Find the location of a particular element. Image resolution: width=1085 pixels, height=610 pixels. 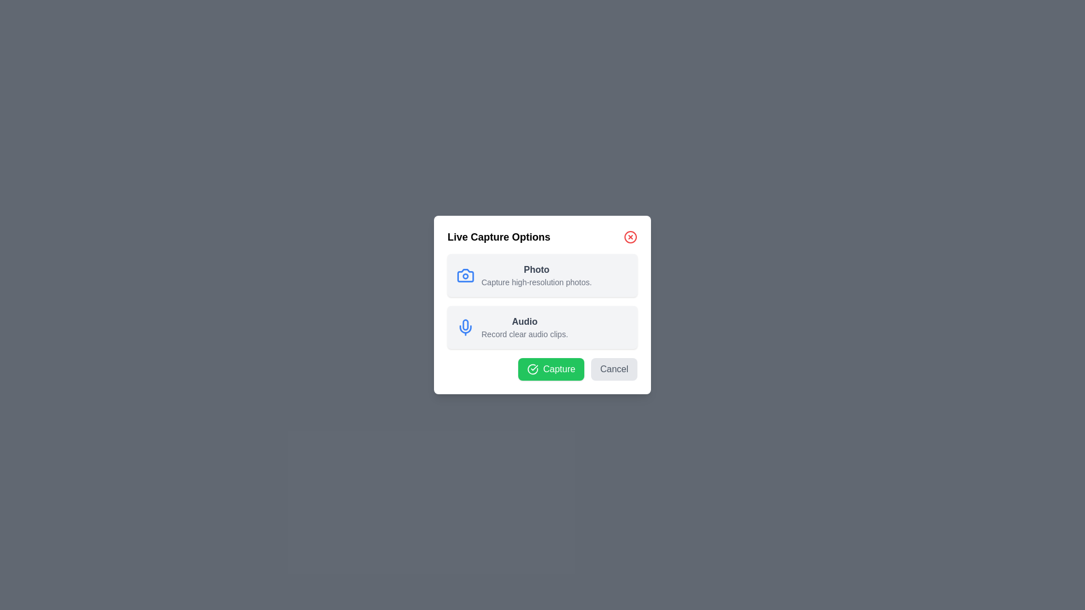

the close button to toggle the dialog visibility is located at coordinates (630, 237).